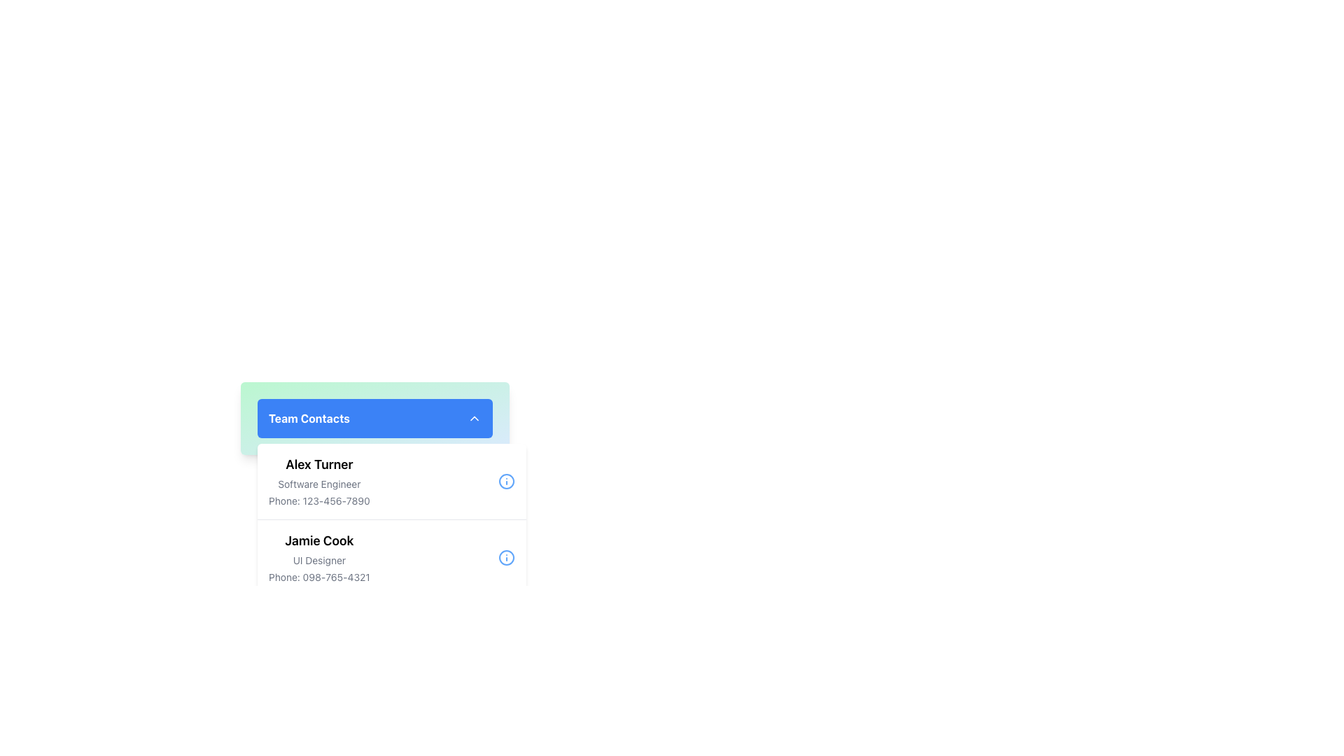  Describe the element at coordinates (506, 480) in the screenshot. I see `the circular blue icon resembling an exclamation mark` at that location.